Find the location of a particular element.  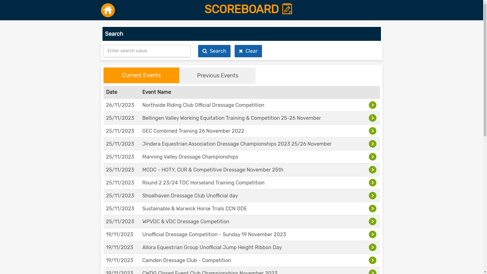

'  Search' is located at coordinates (214, 51).